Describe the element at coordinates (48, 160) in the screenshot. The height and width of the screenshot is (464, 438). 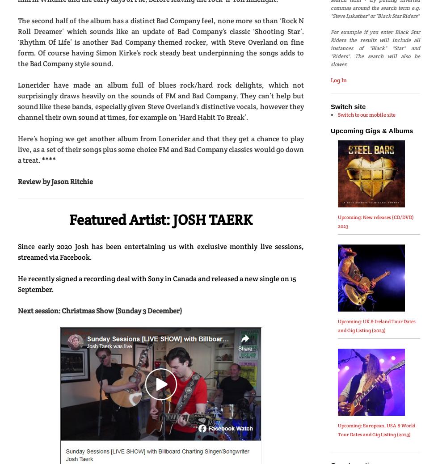
I see `'****'` at that location.